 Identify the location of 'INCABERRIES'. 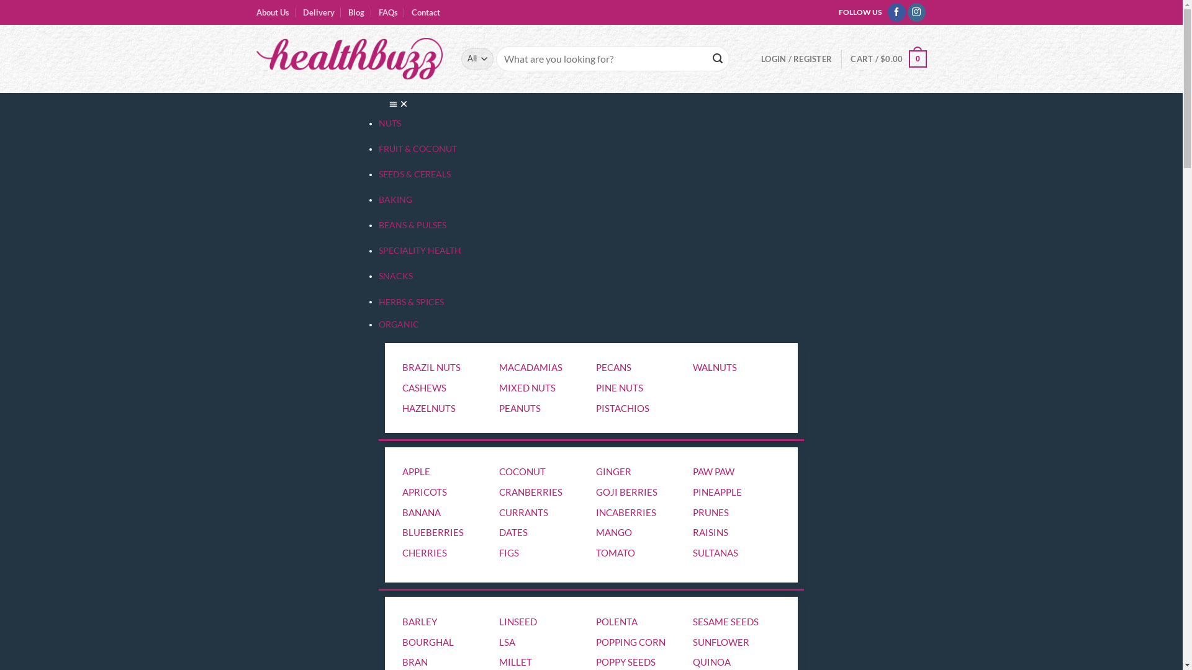
(626, 512).